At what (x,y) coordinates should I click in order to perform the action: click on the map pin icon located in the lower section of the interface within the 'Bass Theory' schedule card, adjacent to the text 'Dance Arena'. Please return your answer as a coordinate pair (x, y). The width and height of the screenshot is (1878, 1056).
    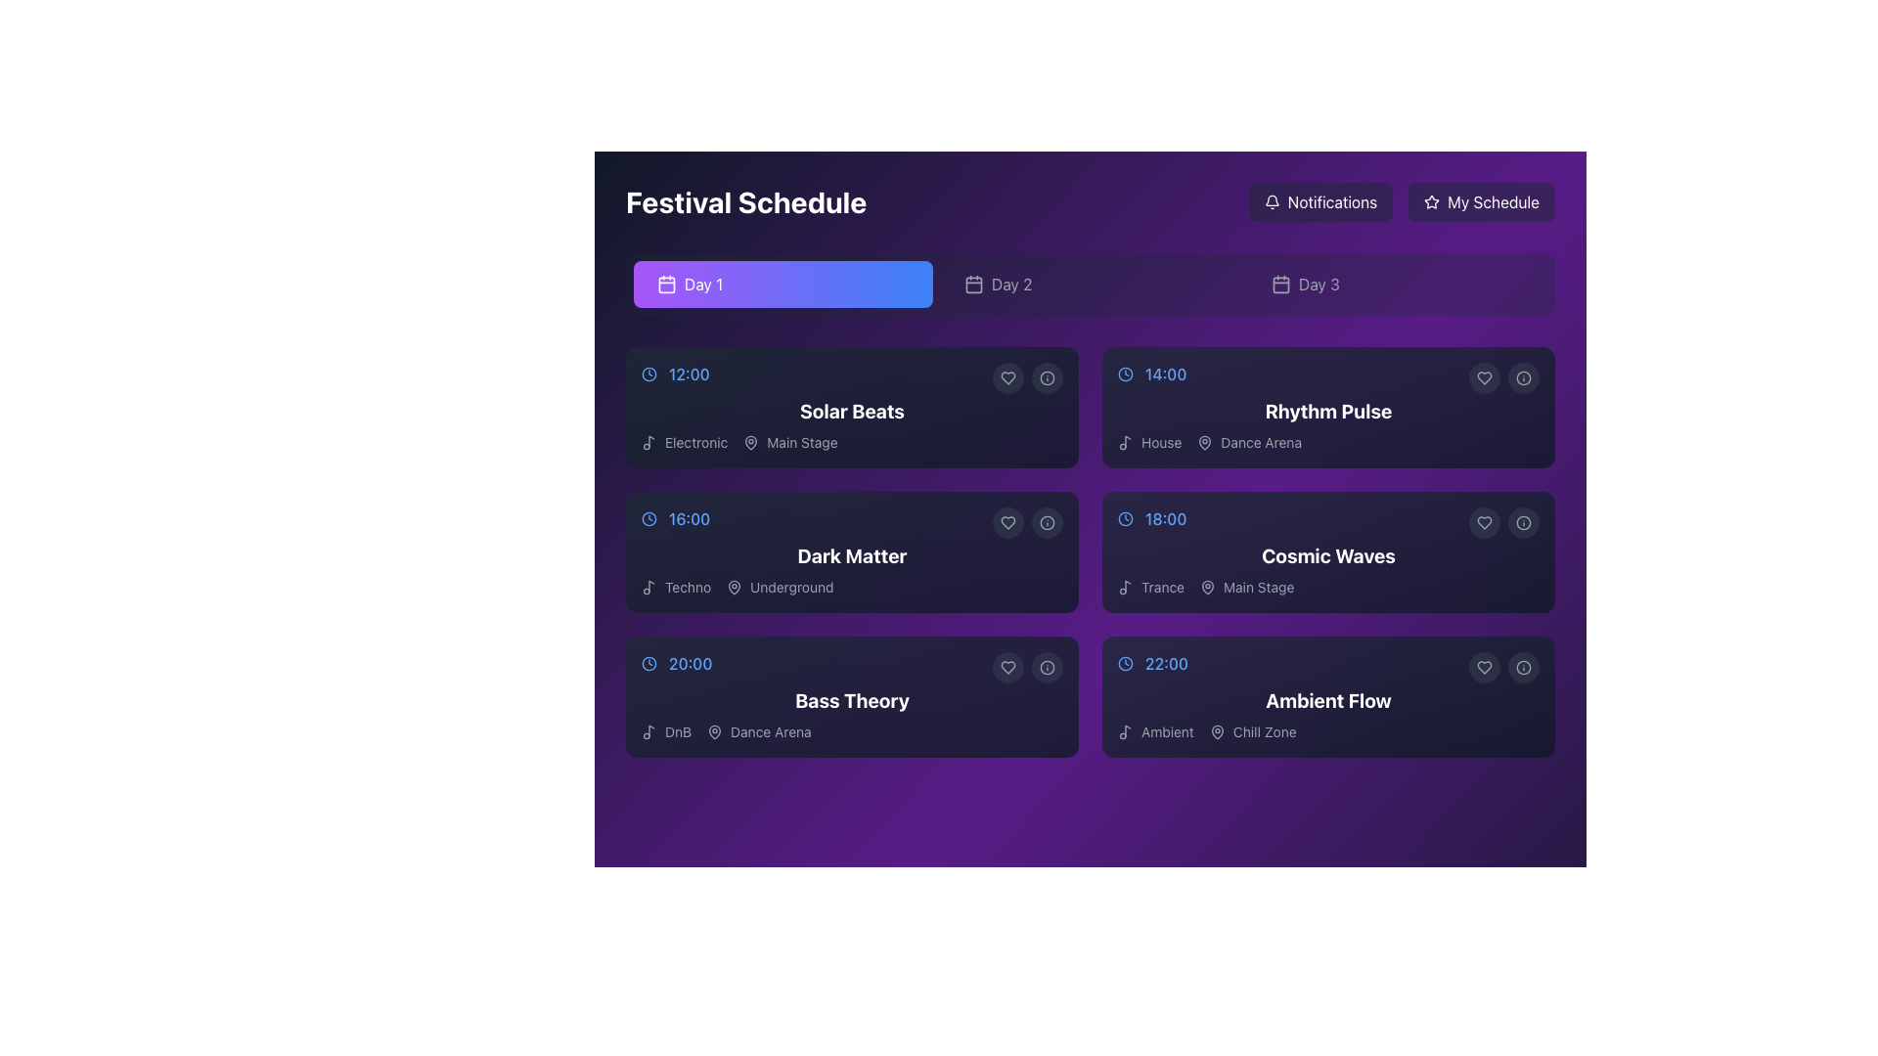
    Looking at the image, I should click on (714, 731).